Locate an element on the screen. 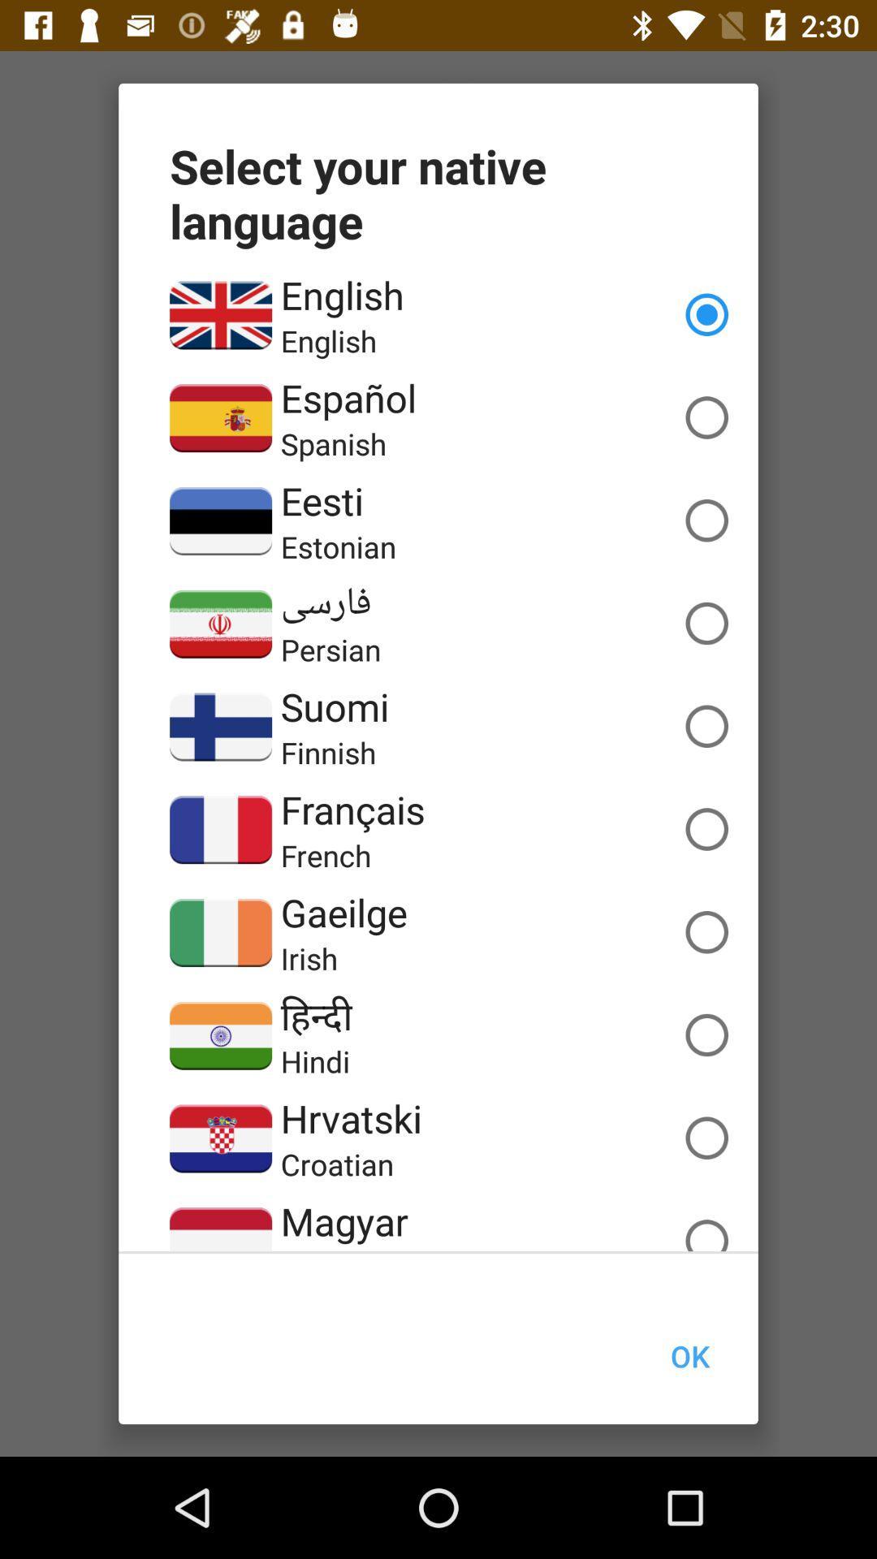 Image resolution: width=877 pixels, height=1559 pixels. the hungarian item is located at coordinates (348, 1248).